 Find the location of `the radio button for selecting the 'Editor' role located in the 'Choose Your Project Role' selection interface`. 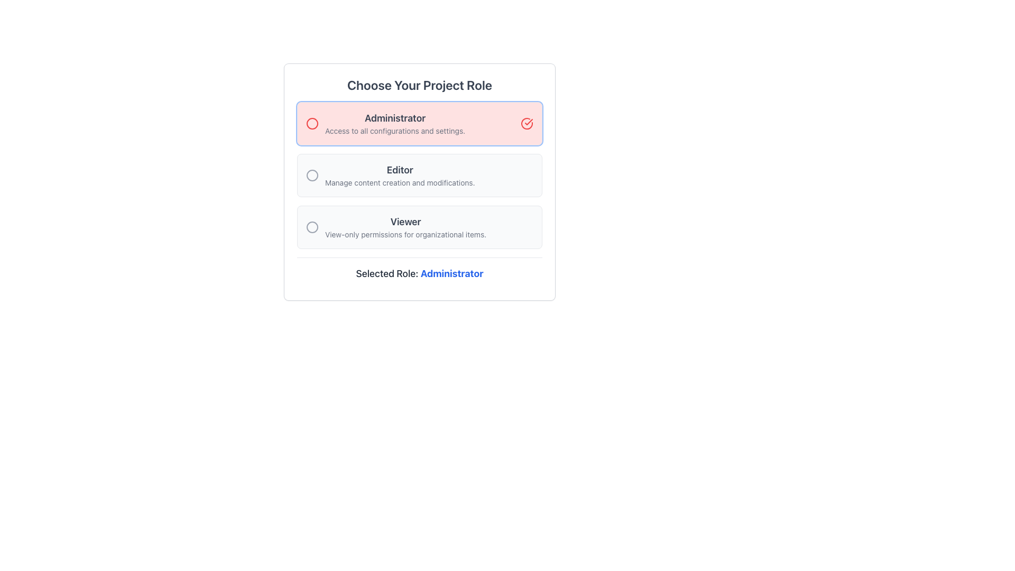

the radio button for selecting the 'Editor' role located in the 'Choose Your Project Role' selection interface is located at coordinates (311, 174).